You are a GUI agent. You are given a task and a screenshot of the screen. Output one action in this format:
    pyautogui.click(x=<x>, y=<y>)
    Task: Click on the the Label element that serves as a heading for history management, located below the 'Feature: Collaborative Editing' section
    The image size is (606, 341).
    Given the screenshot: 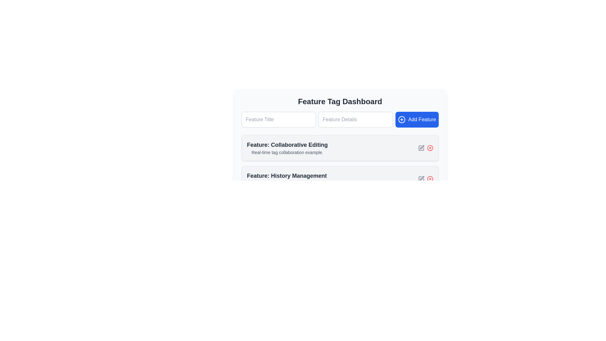 What is the action you would take?
    pyautogui.click(x=287, y=176)
    